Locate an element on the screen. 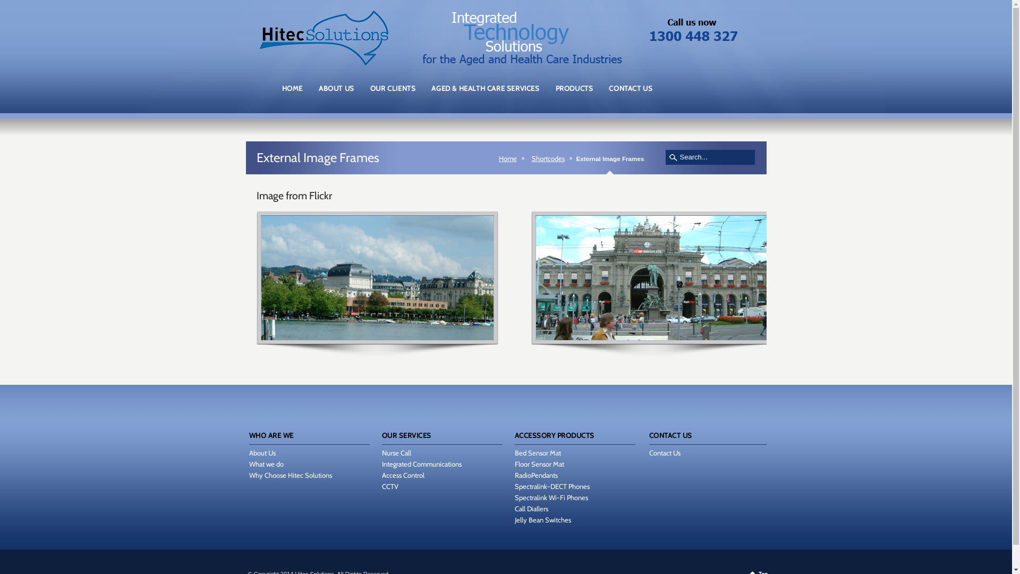 This screenshot has width=1020, height=574. 'search' is located at coordinates (673, 157).